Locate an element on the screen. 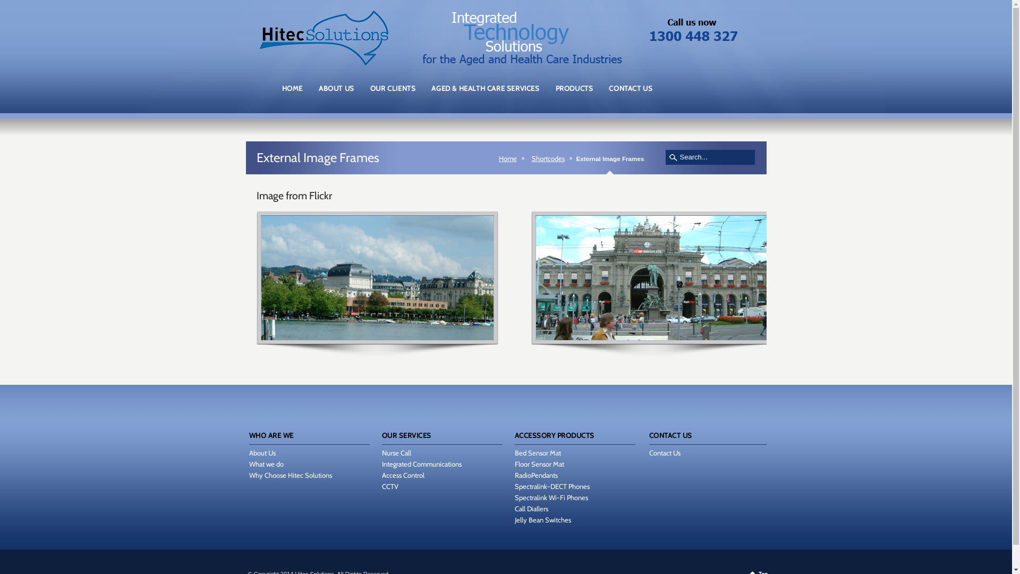 This screenshot has width=1020, height=574. 'search' is located at coordinates (673, 157).